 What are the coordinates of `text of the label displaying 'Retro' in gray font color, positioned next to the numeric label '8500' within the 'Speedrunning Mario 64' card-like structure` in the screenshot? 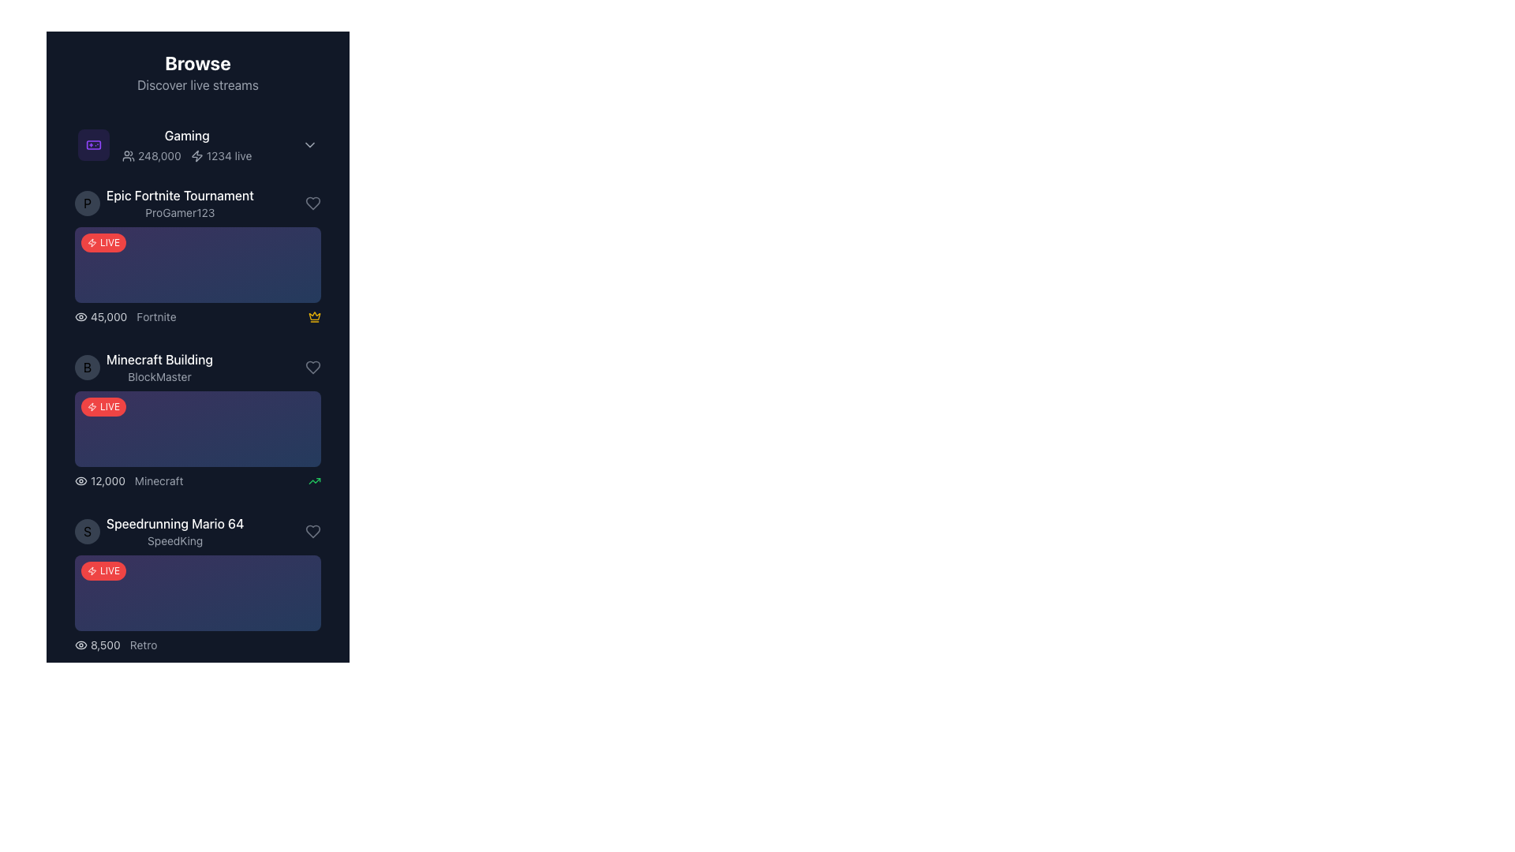 It's located at (144, 645).